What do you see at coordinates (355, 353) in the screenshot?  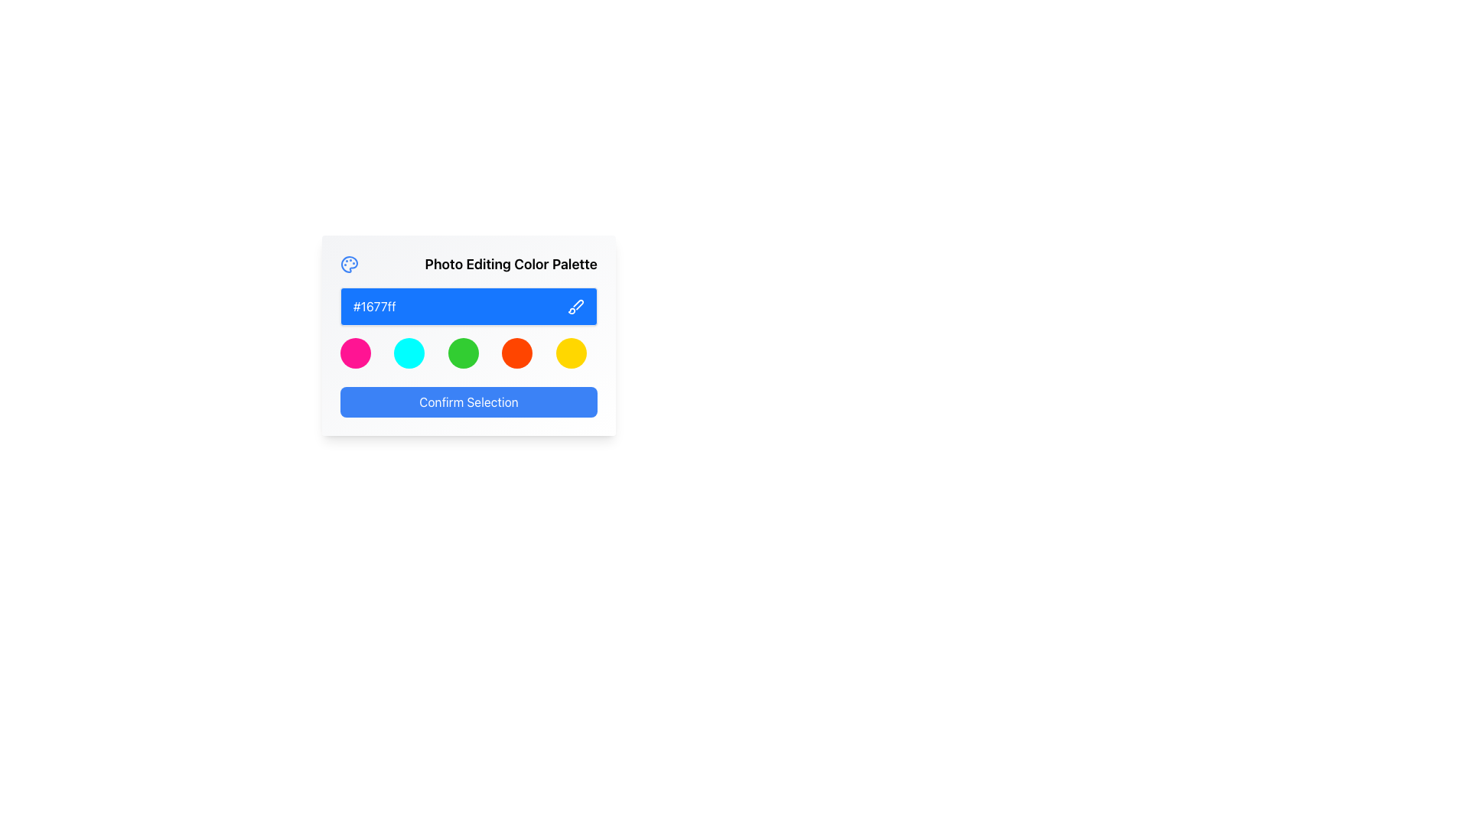 I see `the first circular color button in the row` at bounding box center [355, 353].